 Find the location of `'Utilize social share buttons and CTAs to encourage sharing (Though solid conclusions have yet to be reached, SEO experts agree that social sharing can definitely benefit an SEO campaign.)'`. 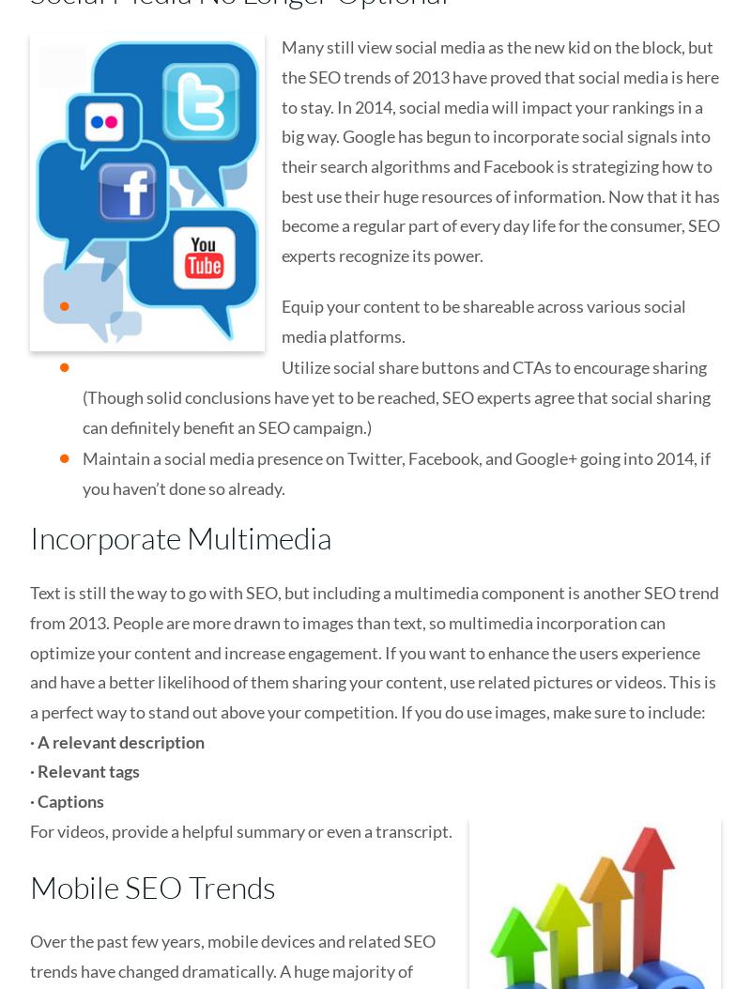

'Utilize social share buttons and CTAs to encourage sharing (Though solid conclusions have yet to be reached, SEO experts agree that social sharing can definitely benefit an SEO campaign.)' is located at coordinates (396, 396).